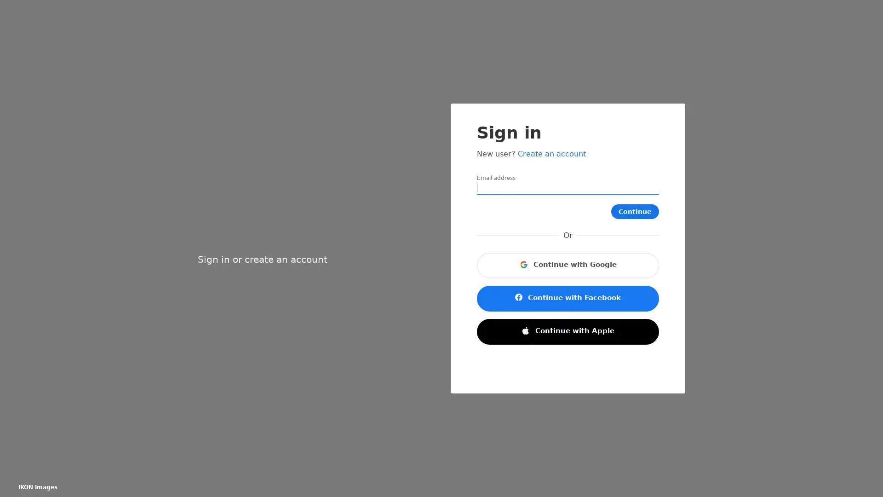  What do you see at coordinates (639, 211) in the screenshot?
I see `Continue` at bounding box center [639, 211].